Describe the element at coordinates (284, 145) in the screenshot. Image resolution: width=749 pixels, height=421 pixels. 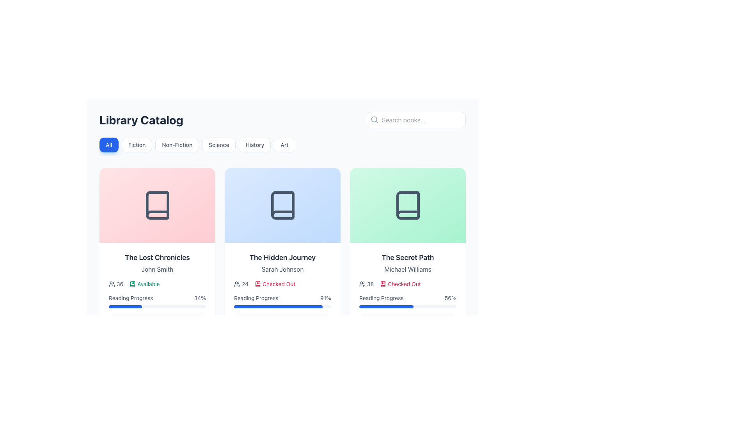
I see `the 'Art' filter button, which is the last button in a horizontal group of six buttons, to filter content on the page` at that location.